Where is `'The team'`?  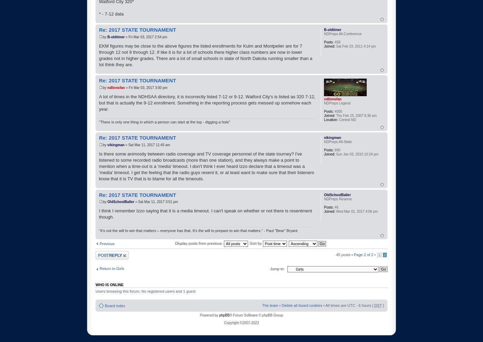 'The team' is located at coordinates (270, 305).